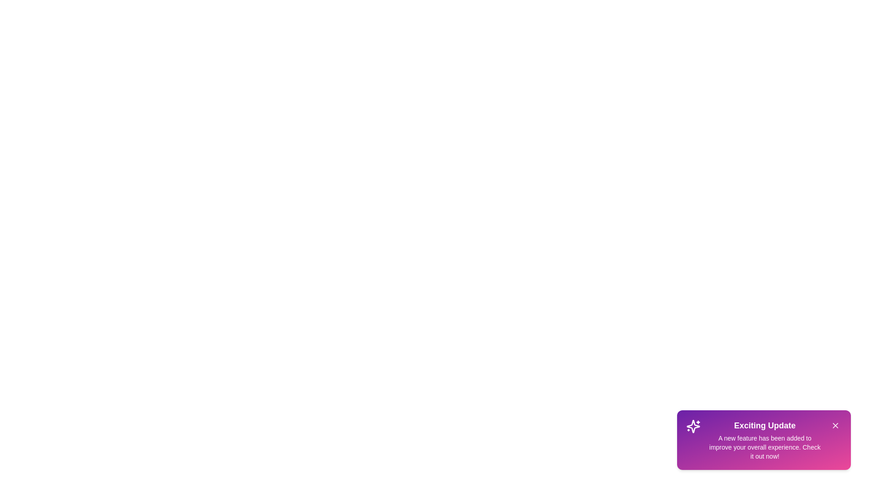  Describe the element at coordinates (835, 425) in the screenshot. I see `the close button to dismiss the notification` at that location.